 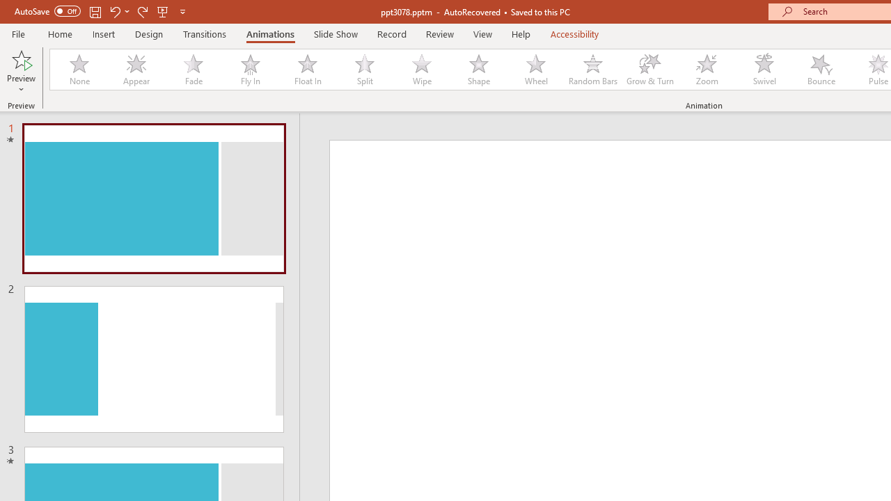 What do you see at coordinates (593, 70) in the screenshot?
I see `'Random Bars'` at bounding box center [593, 70].